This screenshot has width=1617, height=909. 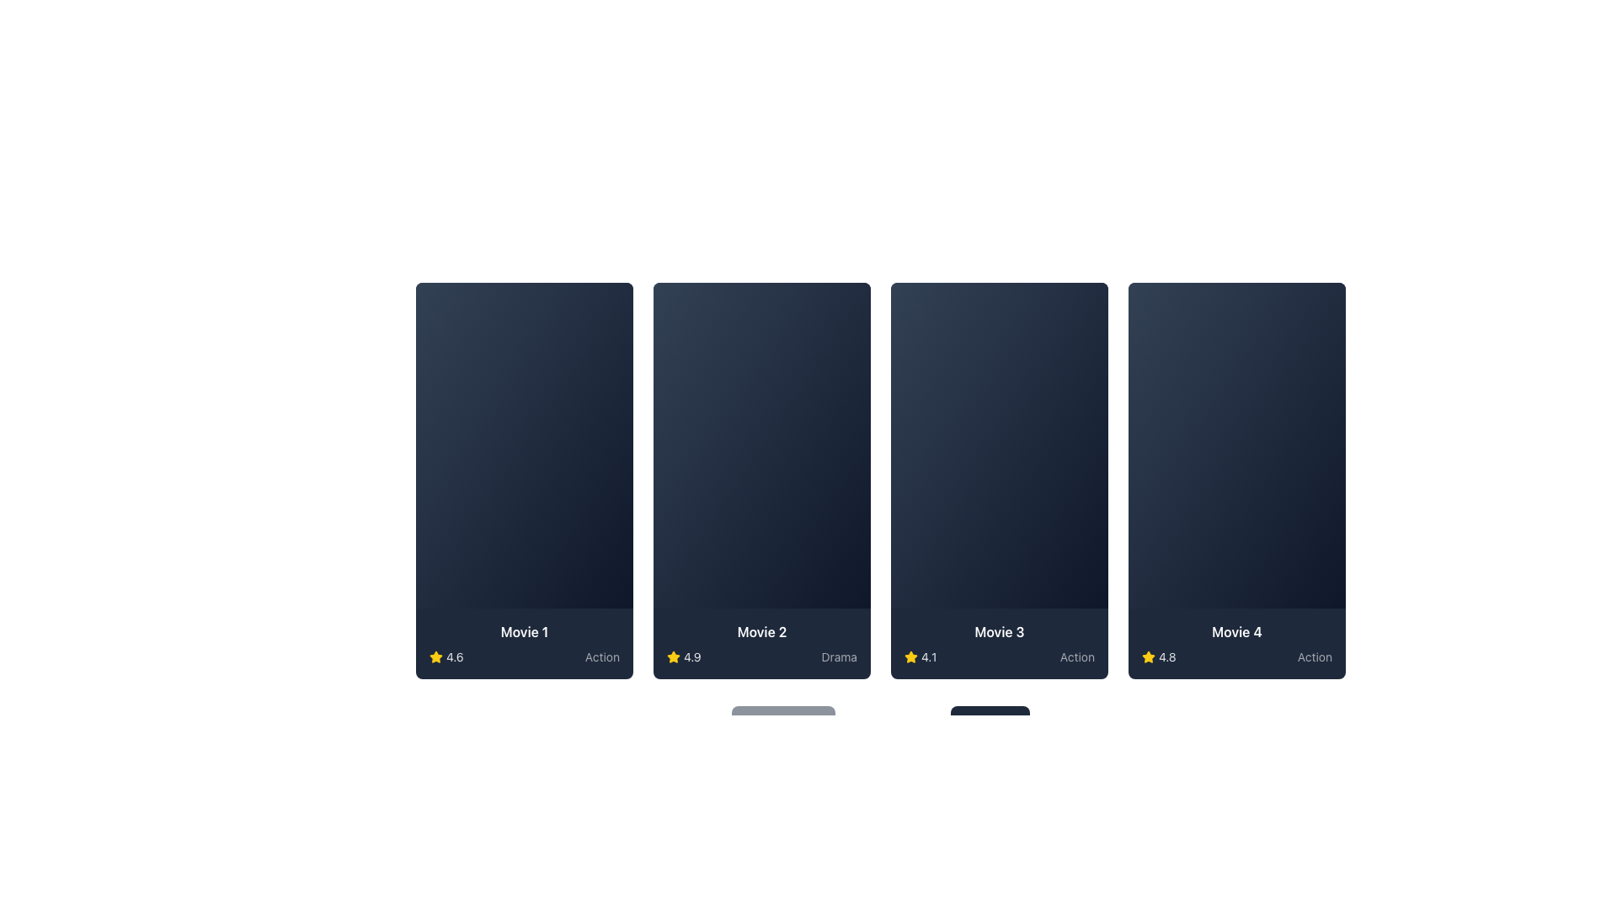 I want to click on the rating visually by focusing on the star icon and the score text indicating a rating of 4.6 located at the bottom left section of the first card, so click(x=446, y=656).